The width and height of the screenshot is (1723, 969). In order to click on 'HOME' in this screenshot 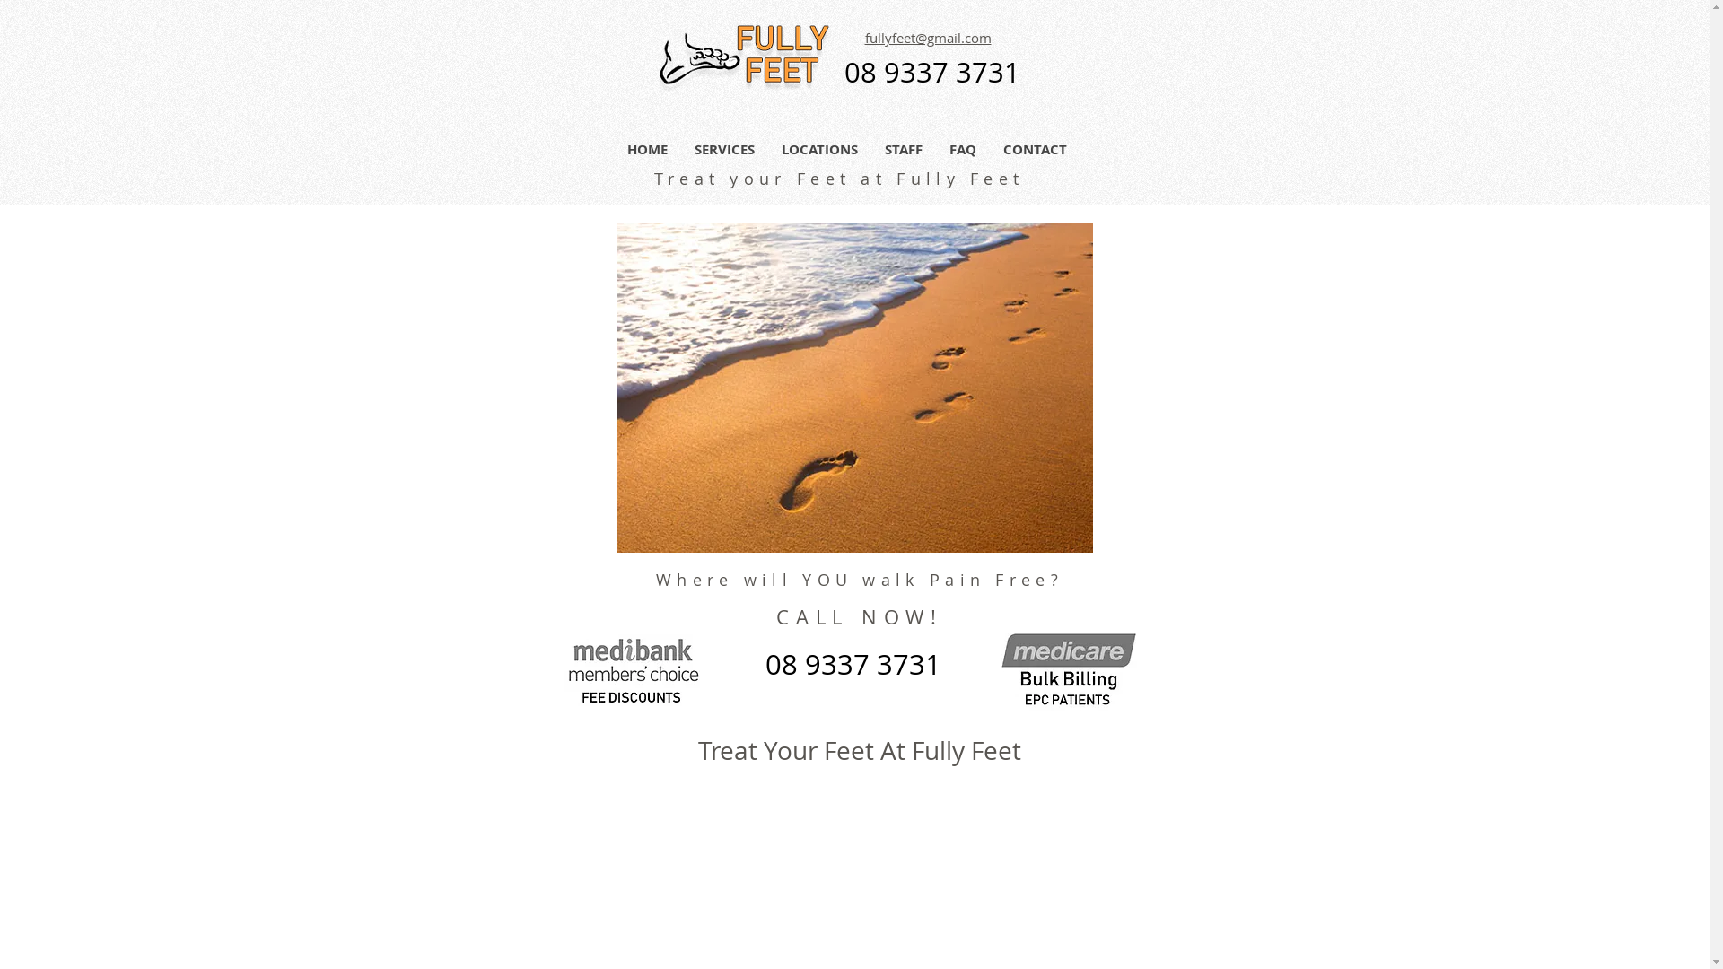, I will do `click(646, 148)`.